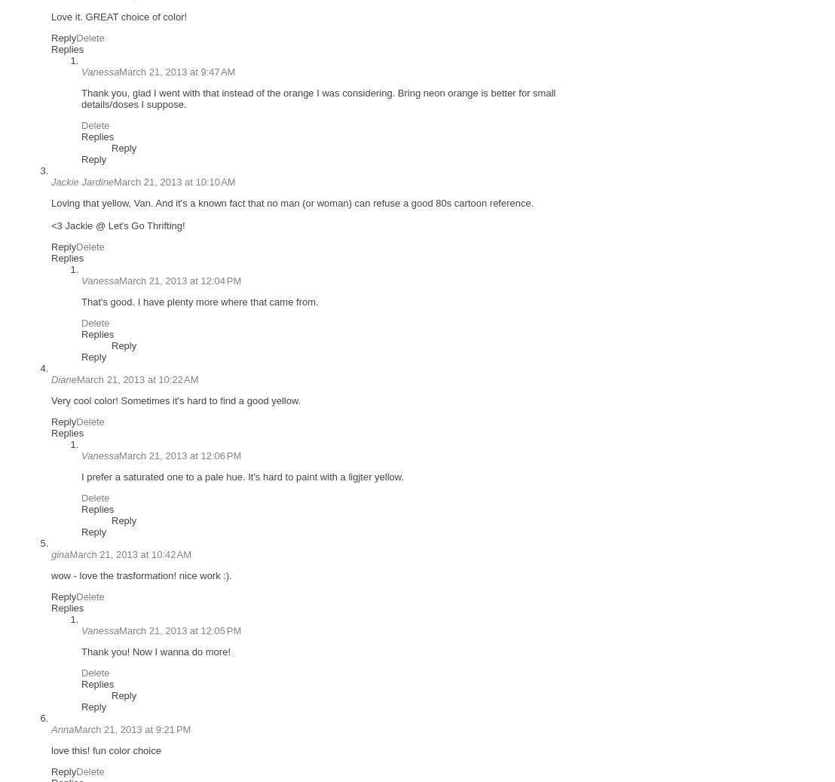 Image resolution: width=835 pixels, height=782 pixels. What do you see at coordinates (317, 97) in the screenshot?
I see `'Thank you, glad I went with that instead of the orange I was considering. Bring neon orange is better for small details/doses I suppose.'` at bounding box center [317, 97].